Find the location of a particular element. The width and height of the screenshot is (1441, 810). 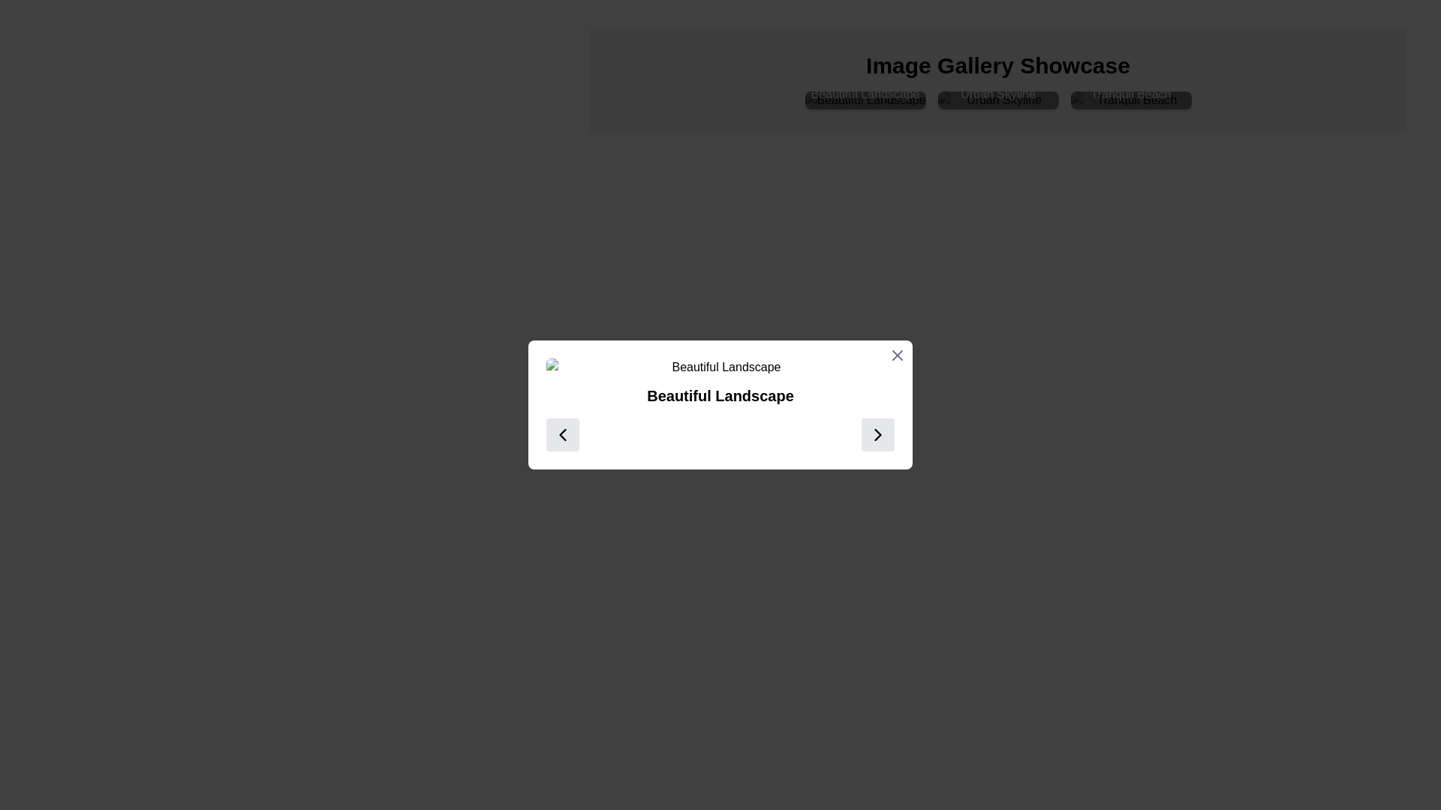

the leftward arrow navigation button icon with a thin black outline and light gray background is located at coordinates (561, 434).